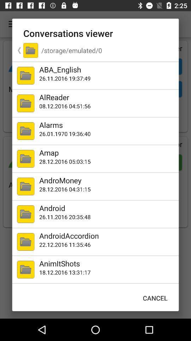 This screenshot has width=191, height=341. Describe the element at coordinates (107, 69) in the screenshot. I see `the aba_english icon` at that location.